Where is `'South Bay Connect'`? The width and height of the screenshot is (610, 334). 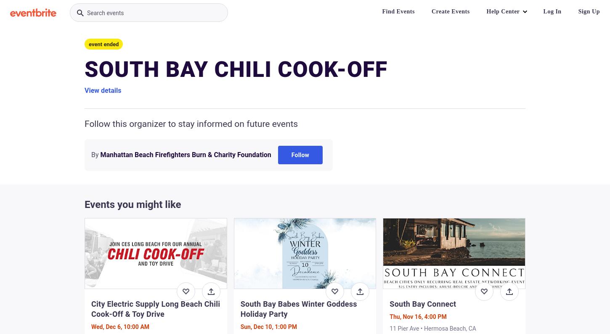
'South Bay Connect' is located at coordinates (422, 303).